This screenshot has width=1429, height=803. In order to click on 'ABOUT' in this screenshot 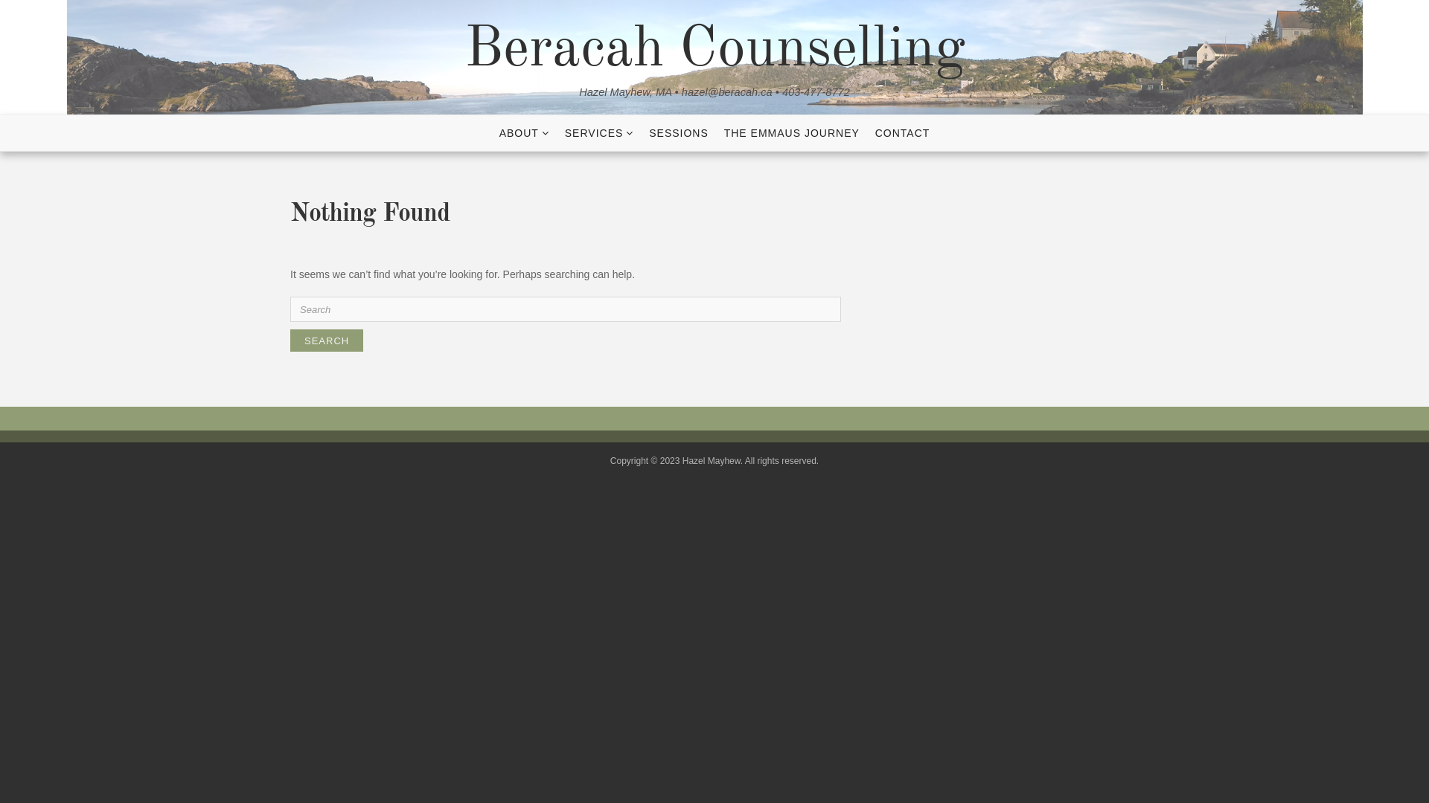, I will do `click(524, 132)`.